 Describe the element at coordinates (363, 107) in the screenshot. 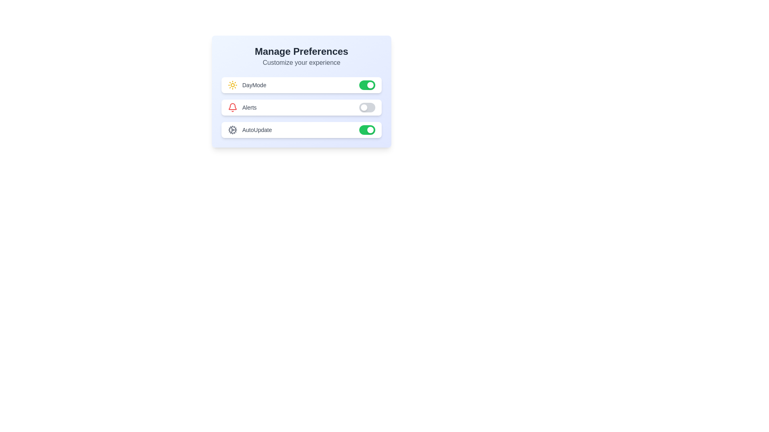

I see `the left circular knob of the 'Alerts' toggle switch, which is currently in the inactive state` at that location.